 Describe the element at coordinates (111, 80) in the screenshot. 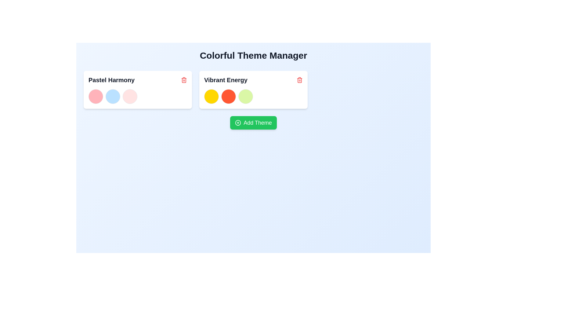

I see `the text label that displays the title or name of a theme or section, located in the top-left corner of the interface above three circular color swatches and to the left of a trash icon` at that location.